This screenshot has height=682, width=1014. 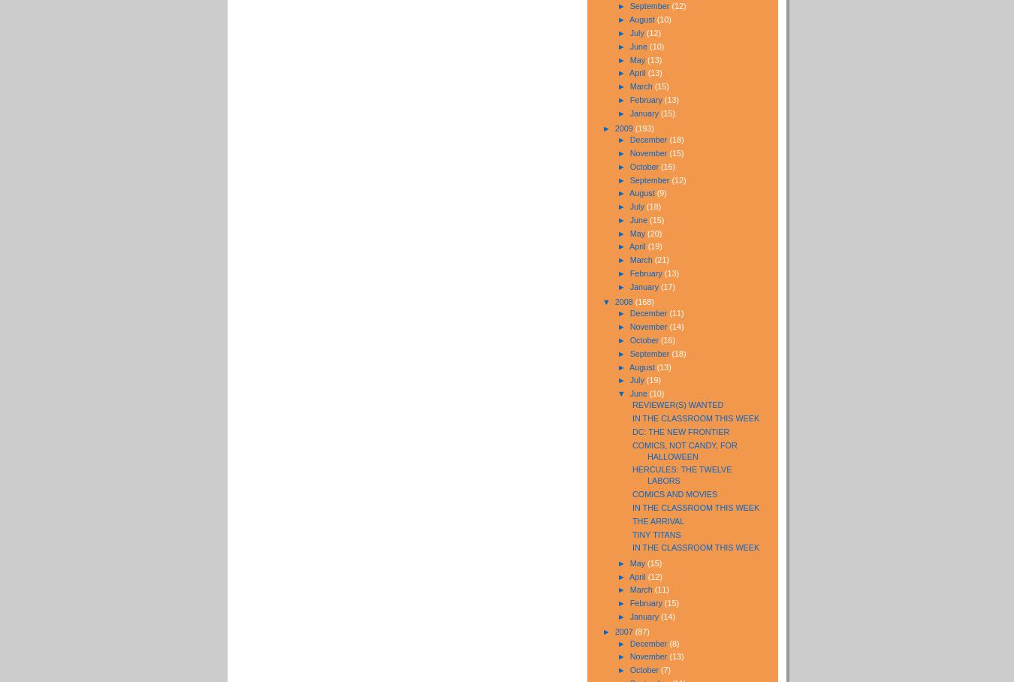 What do you see at coordinates (654, 231) in the screenshot?
I see `'(20)'` at bounding box center [654, 231].